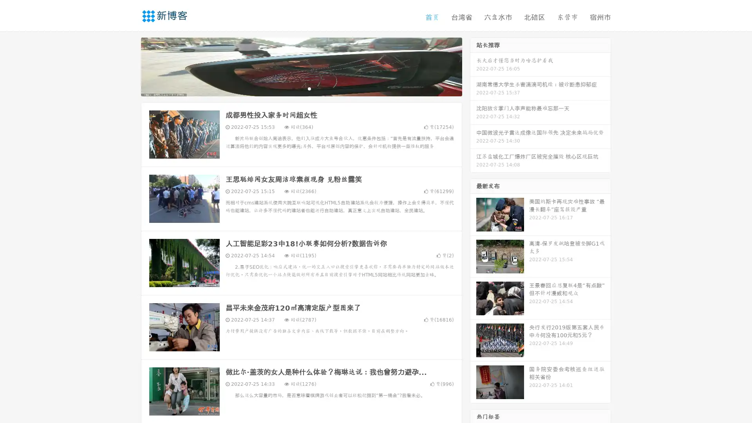 The height and width of the screenshot is (423, 752). I want to click on Previous slide, so click(129, 66).